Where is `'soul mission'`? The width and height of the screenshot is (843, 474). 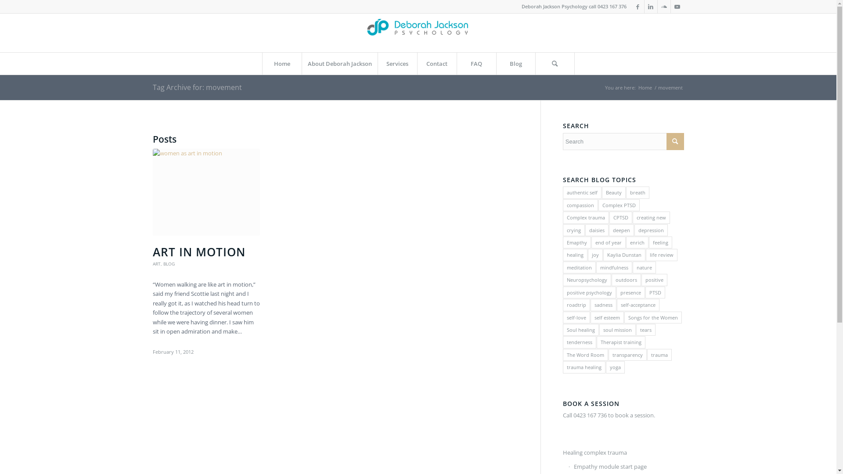 'soul mission' is located at coordinates (617, 330).